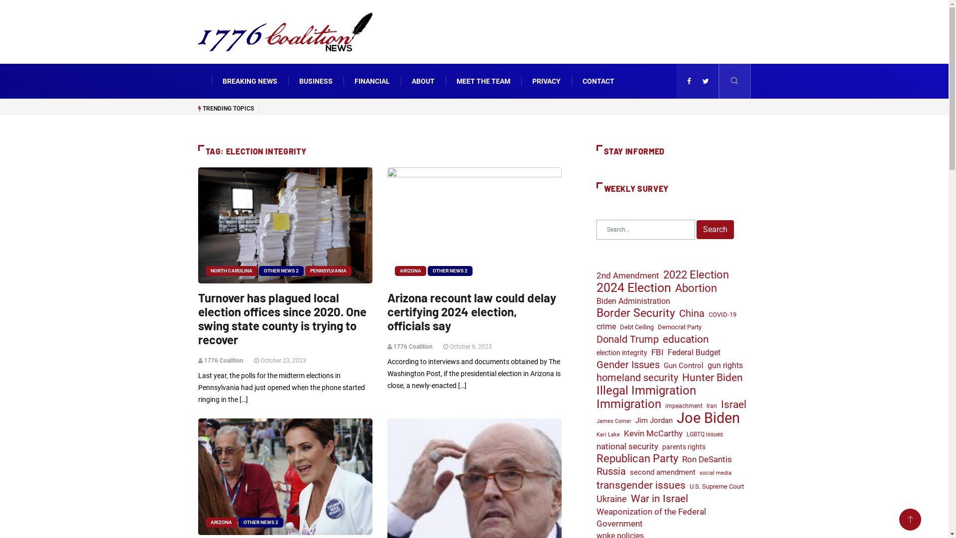 The height and width of the screenshot is (538, 956). Describe the element at coordinates (646, 390) in the screenshot. I see `'Illegal Immigration'` at that location.